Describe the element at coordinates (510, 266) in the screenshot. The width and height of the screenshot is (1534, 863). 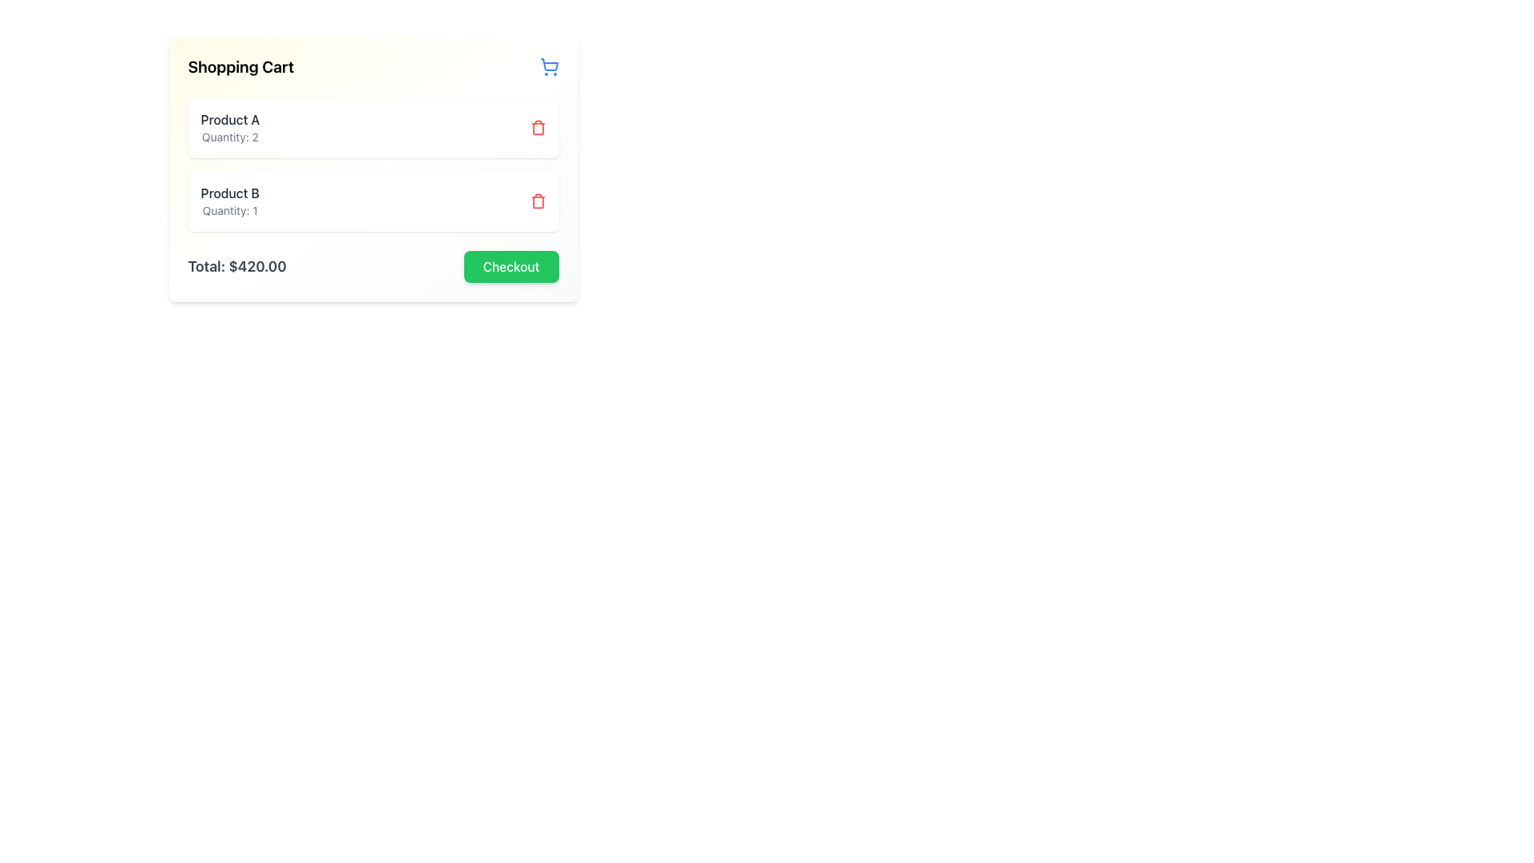
I see `the checkout button located at the bottom-right of the e-commerce interface using keyboard navigation` at that location.